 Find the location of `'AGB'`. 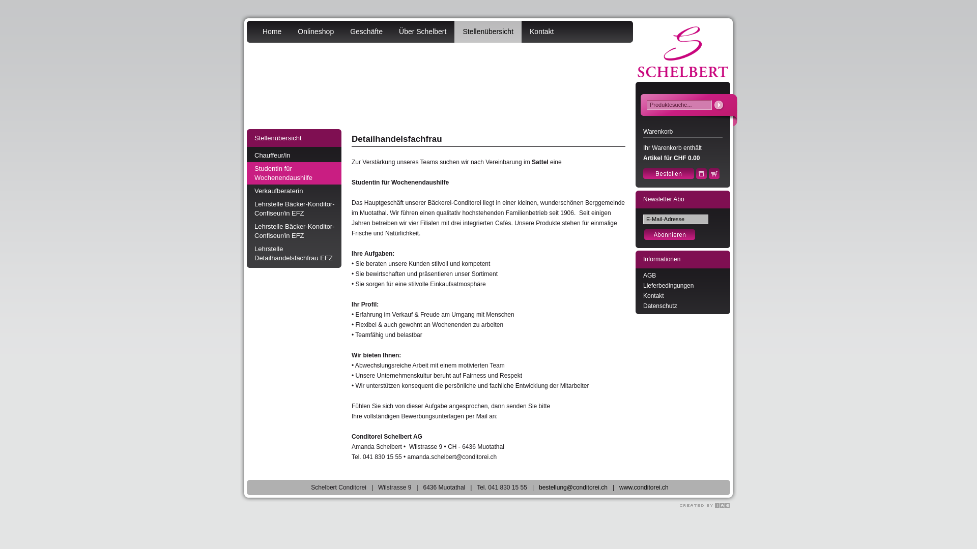

'AGB' is located at coordinates (649, 276).